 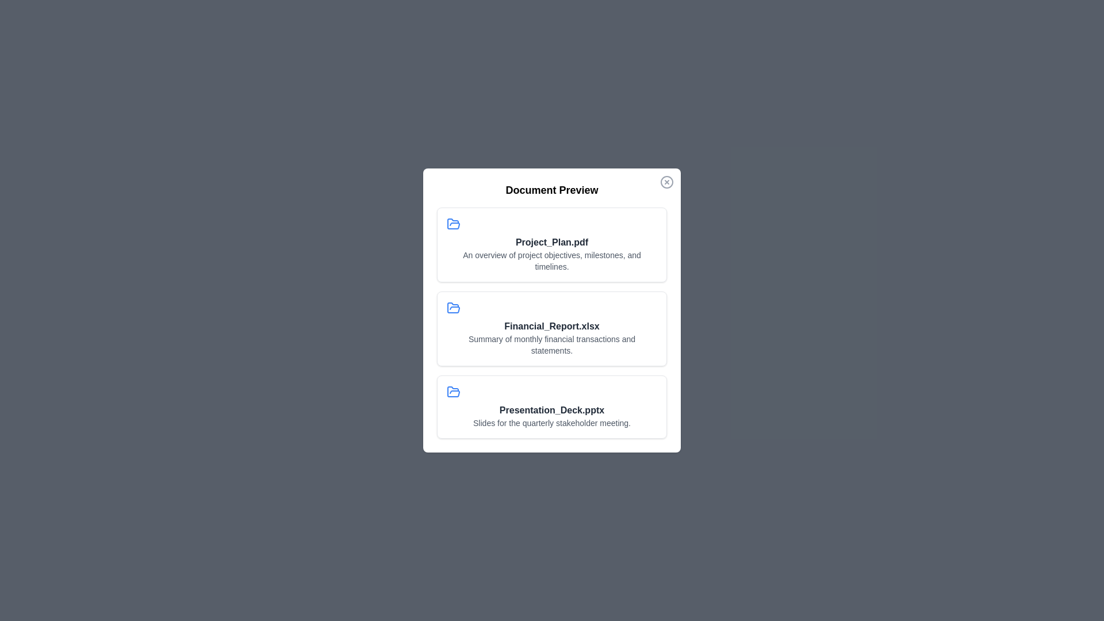 What do you see at coordinates (453, 308) in the screenshot?
I see `the icon associated with the document Financial_Report.xlsx to examine it visually` at bounding box center [453, 308].